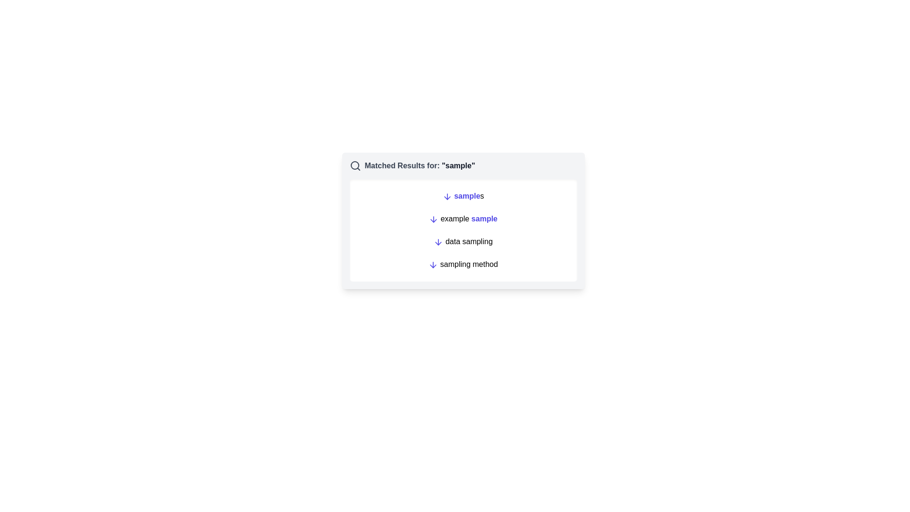 Image resolution: width=910 pixels, height=512 pixels. I want to click on the blue downward-pointing arrow icon located to the left of the 'samples' text to bring up a context menu, so click(446, 196).